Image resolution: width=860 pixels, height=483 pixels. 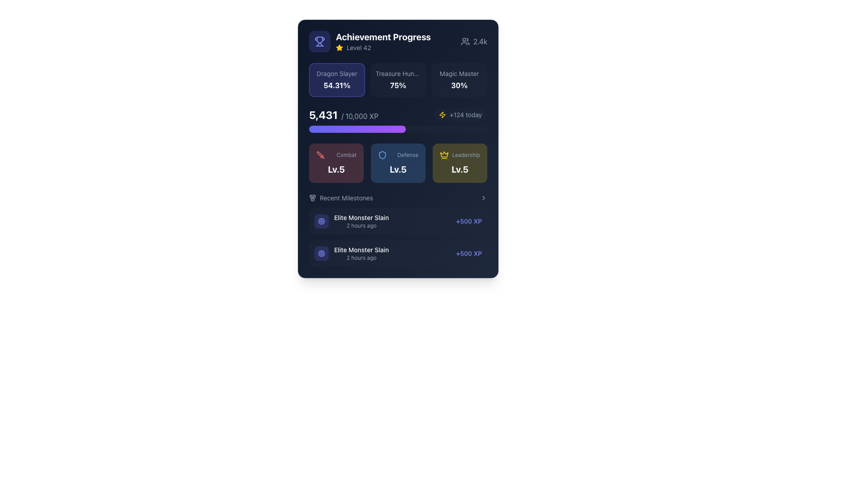 I want to click on the Text Label that displays the user's current XP progress, located within the 'Achievement Progress' card, to the left of the '+124 today' badge, so click(x=343, y=114).